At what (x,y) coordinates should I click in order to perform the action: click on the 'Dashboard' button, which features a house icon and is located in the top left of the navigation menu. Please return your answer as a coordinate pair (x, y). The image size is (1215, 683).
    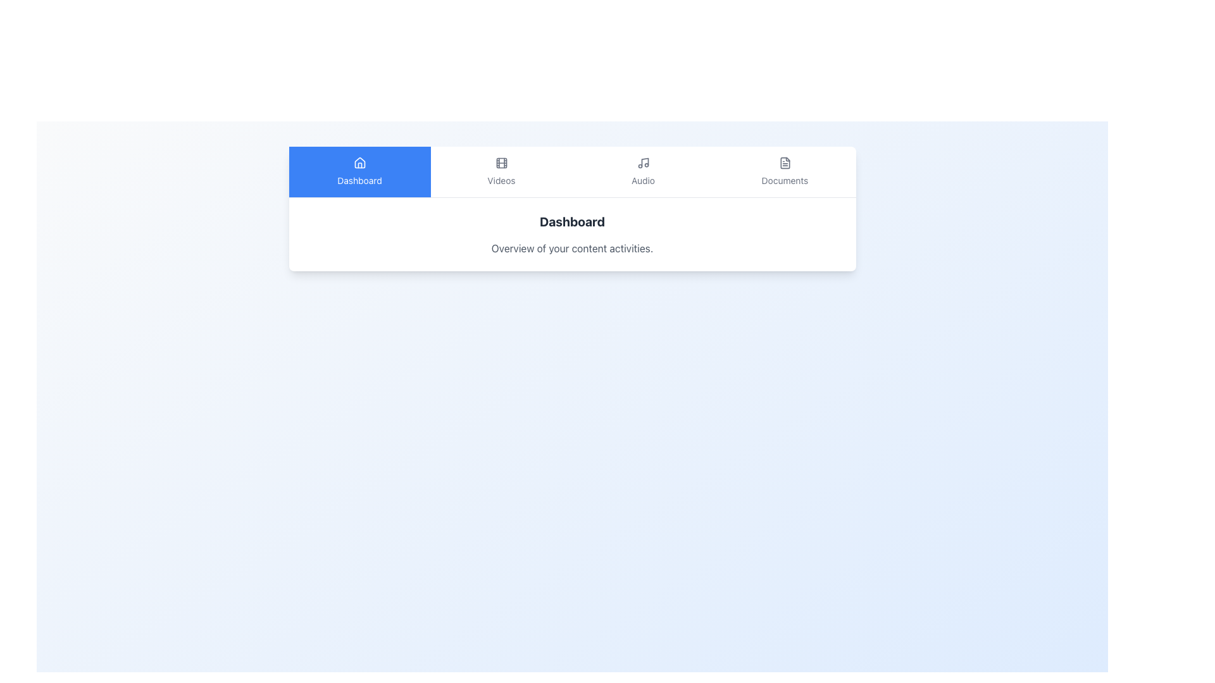
    Looking at the image, I should click on (359, 172).